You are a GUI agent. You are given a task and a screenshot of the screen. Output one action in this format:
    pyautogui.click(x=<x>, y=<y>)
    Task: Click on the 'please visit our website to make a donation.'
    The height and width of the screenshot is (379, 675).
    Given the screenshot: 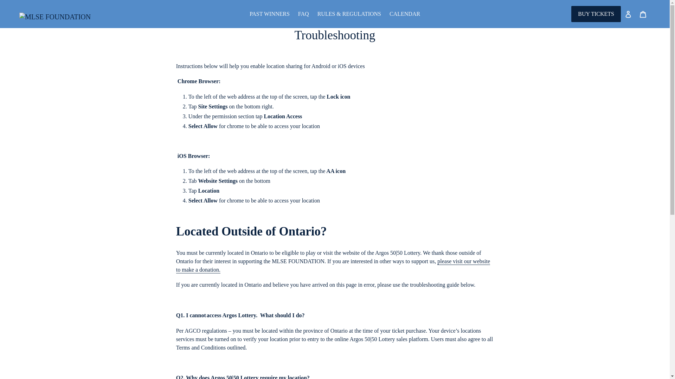 What is the action you would take?
    pyautogui.click(x=333, y=266)
    